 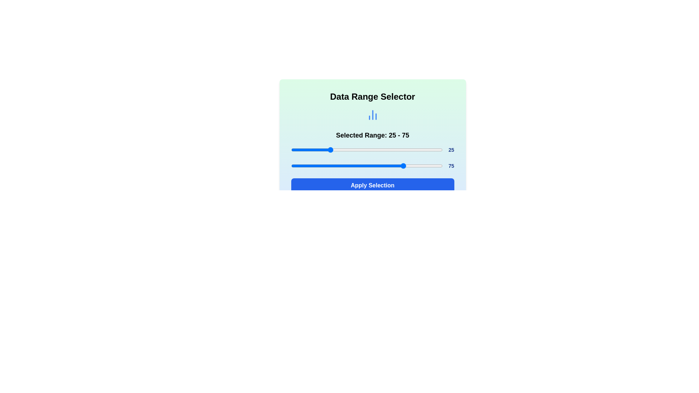 What do you see at coordinates (291, 150) in the screenshot?
I see `the slider to set its value to 0` at bounding box center [291, 150].